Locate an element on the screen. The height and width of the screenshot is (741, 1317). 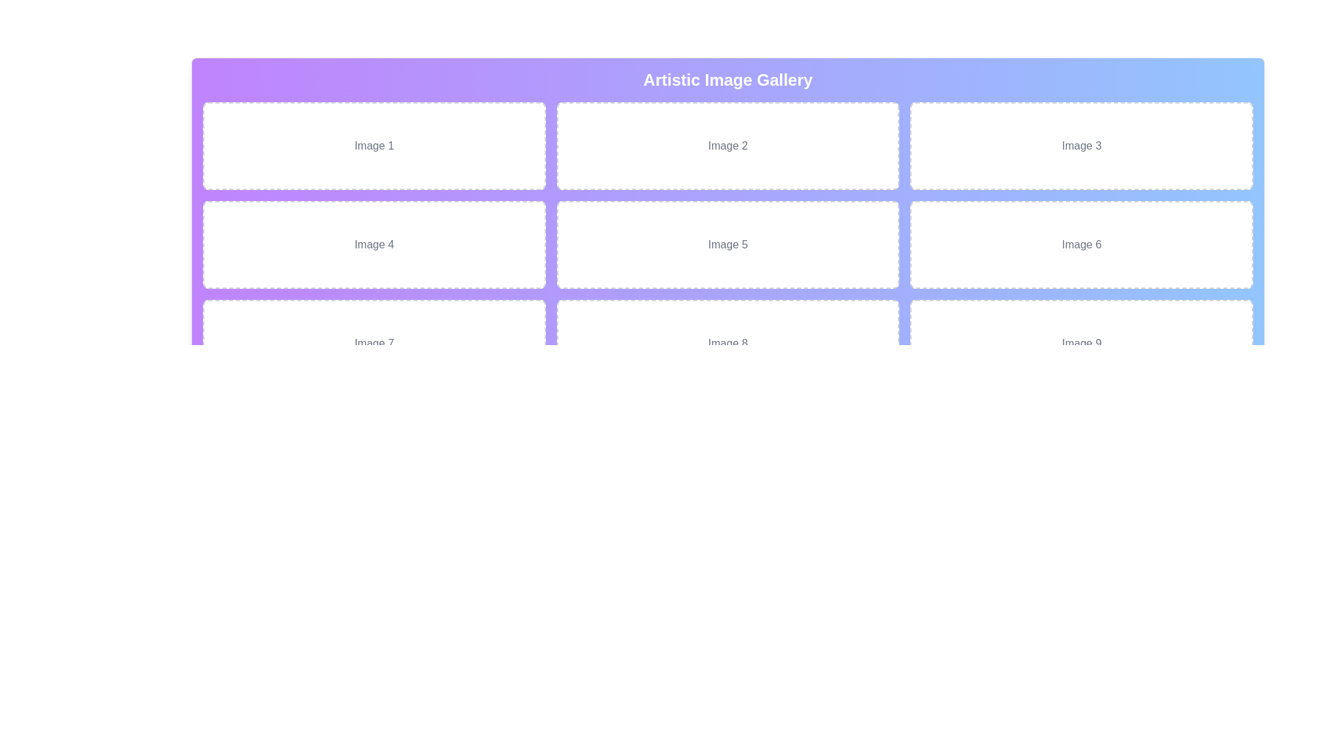
the static content placeholder labeled 'Image 2', located in the second column of the first row of a 3x3 grid structure is located at coordinates (727, 145).